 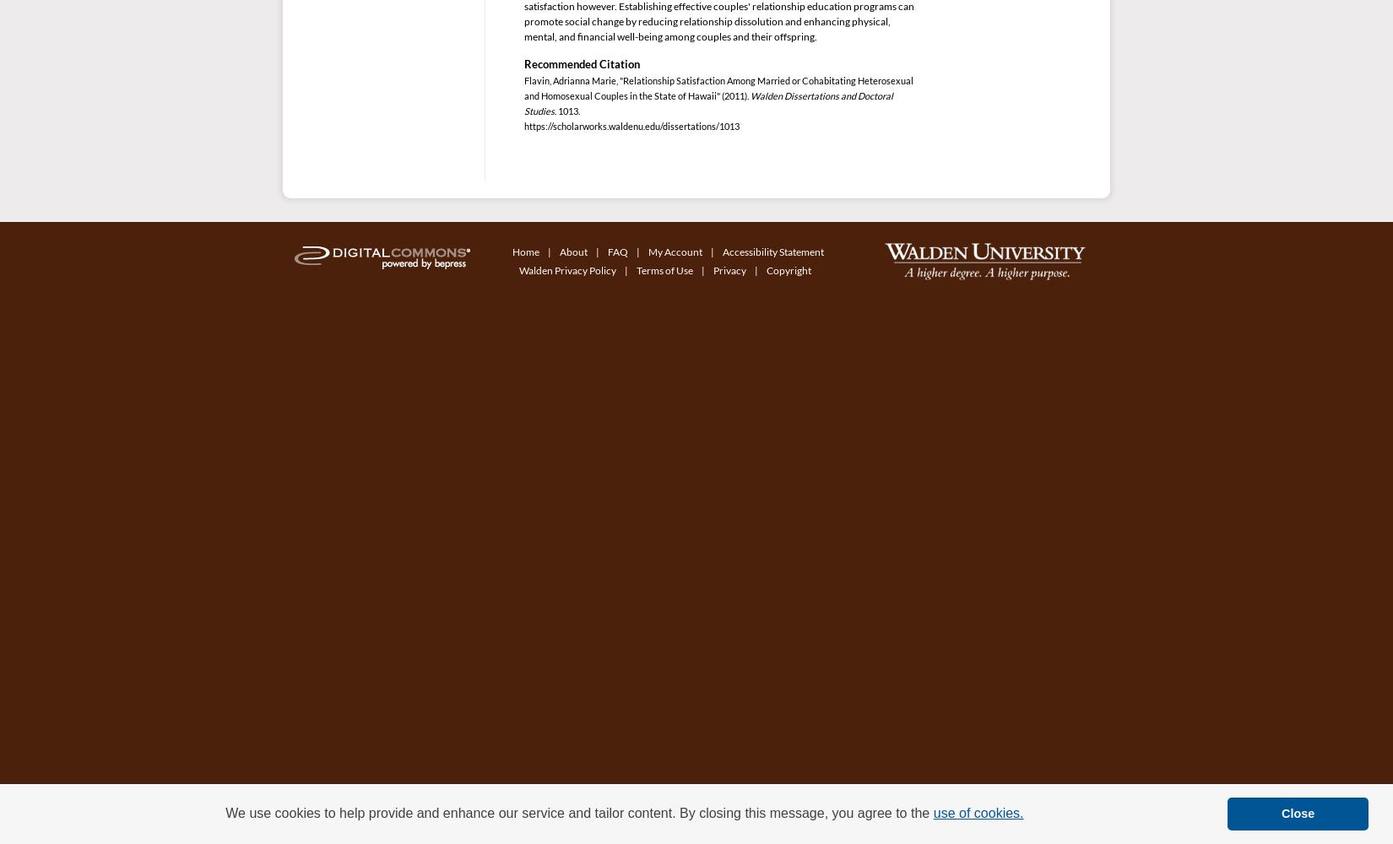 What do you see at coordinates (526, 252) in the screenshot?
I see `'Home'` at bounding box center [526, 252].